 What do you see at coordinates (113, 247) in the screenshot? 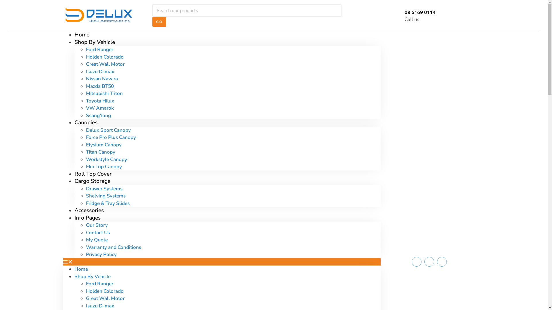
I see `'Warranty and Conditions'` at bounding box center [113, 247].